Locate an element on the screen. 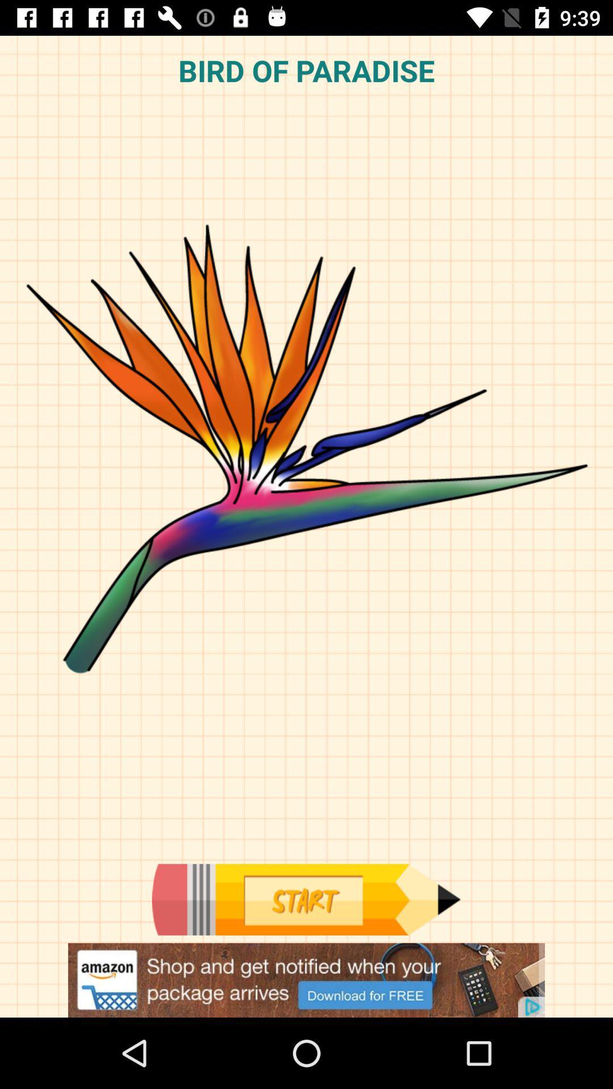  open advertisement is located at coordinates (306, 980).